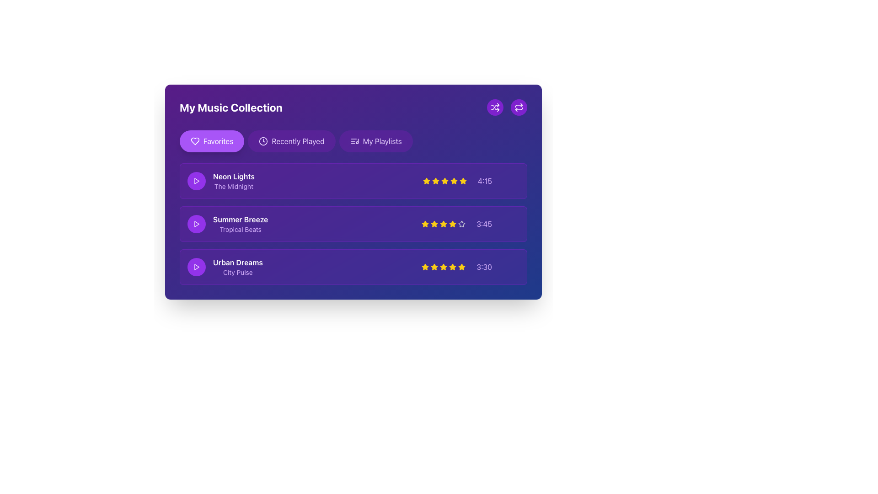 The height and width of the screenshot is (494, 878). I want to click on text information displayed by the duration label located at the rightmost end of the first row of playlist items, adjacent to five yellow stars, so click(484, 181).